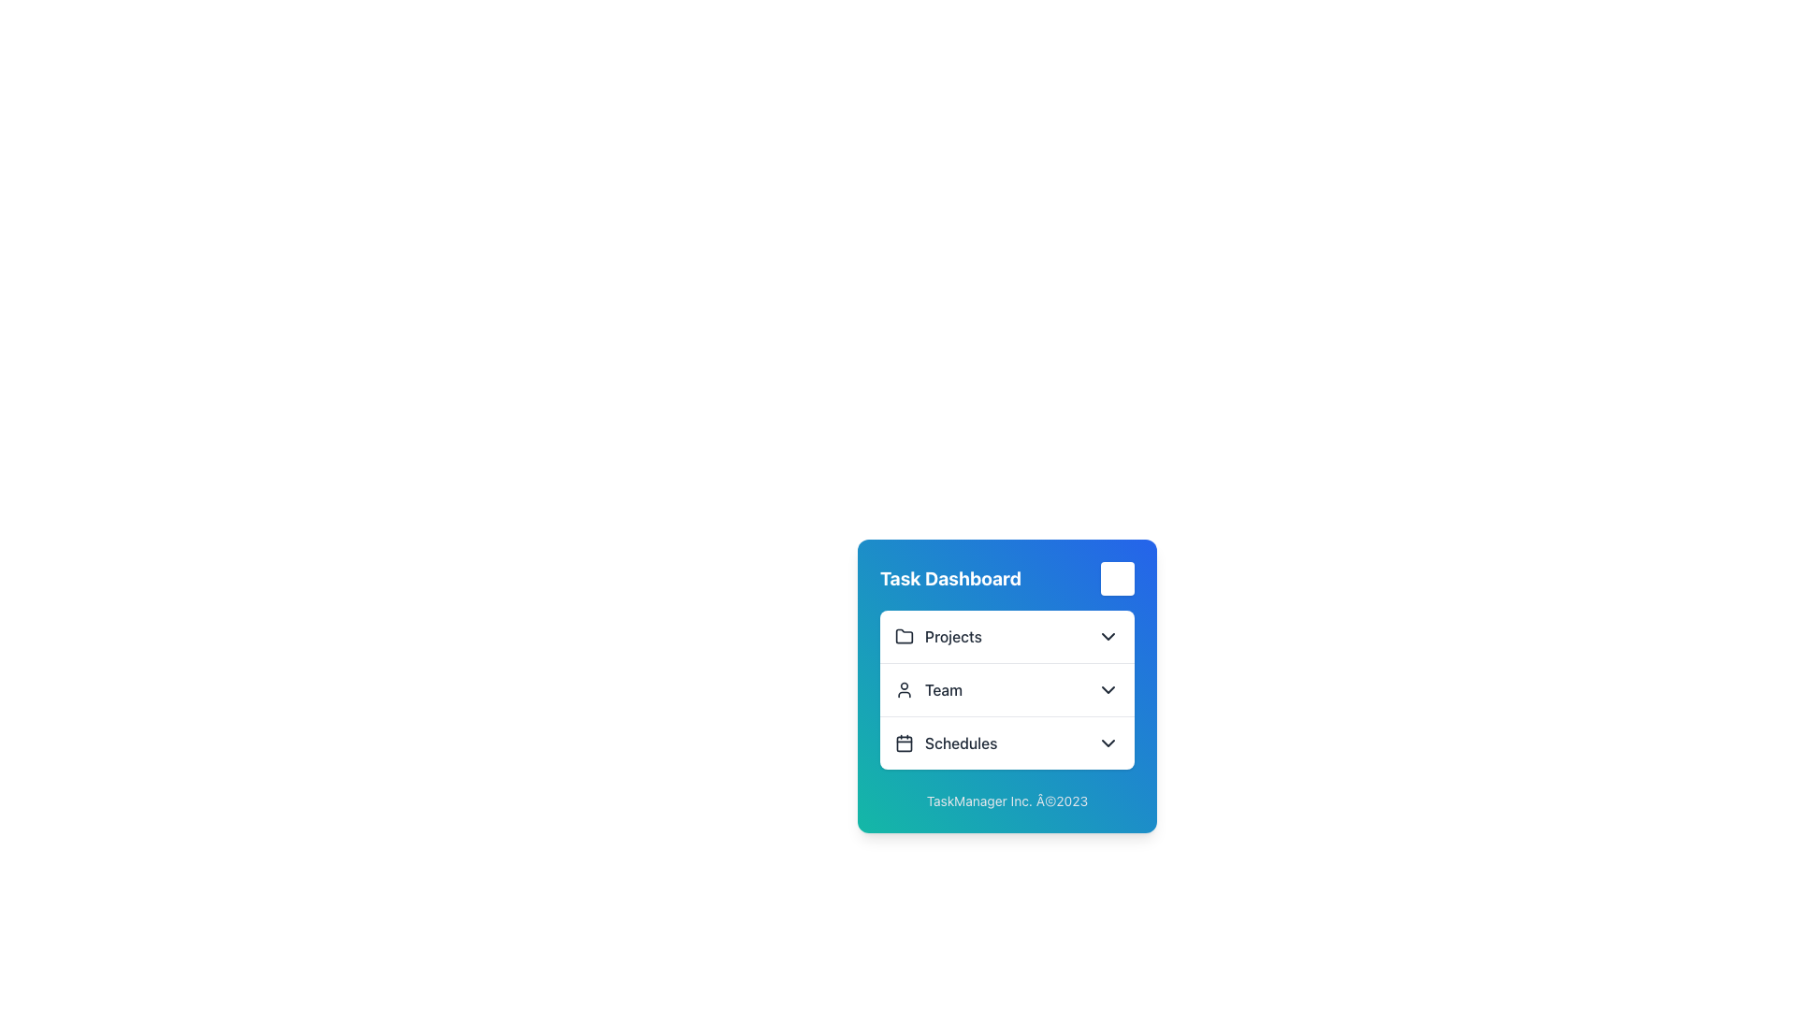  I want to click on the 'Team' dropdown button located within a white background section, which is the second option in a list of three items, so click(1006, 689).